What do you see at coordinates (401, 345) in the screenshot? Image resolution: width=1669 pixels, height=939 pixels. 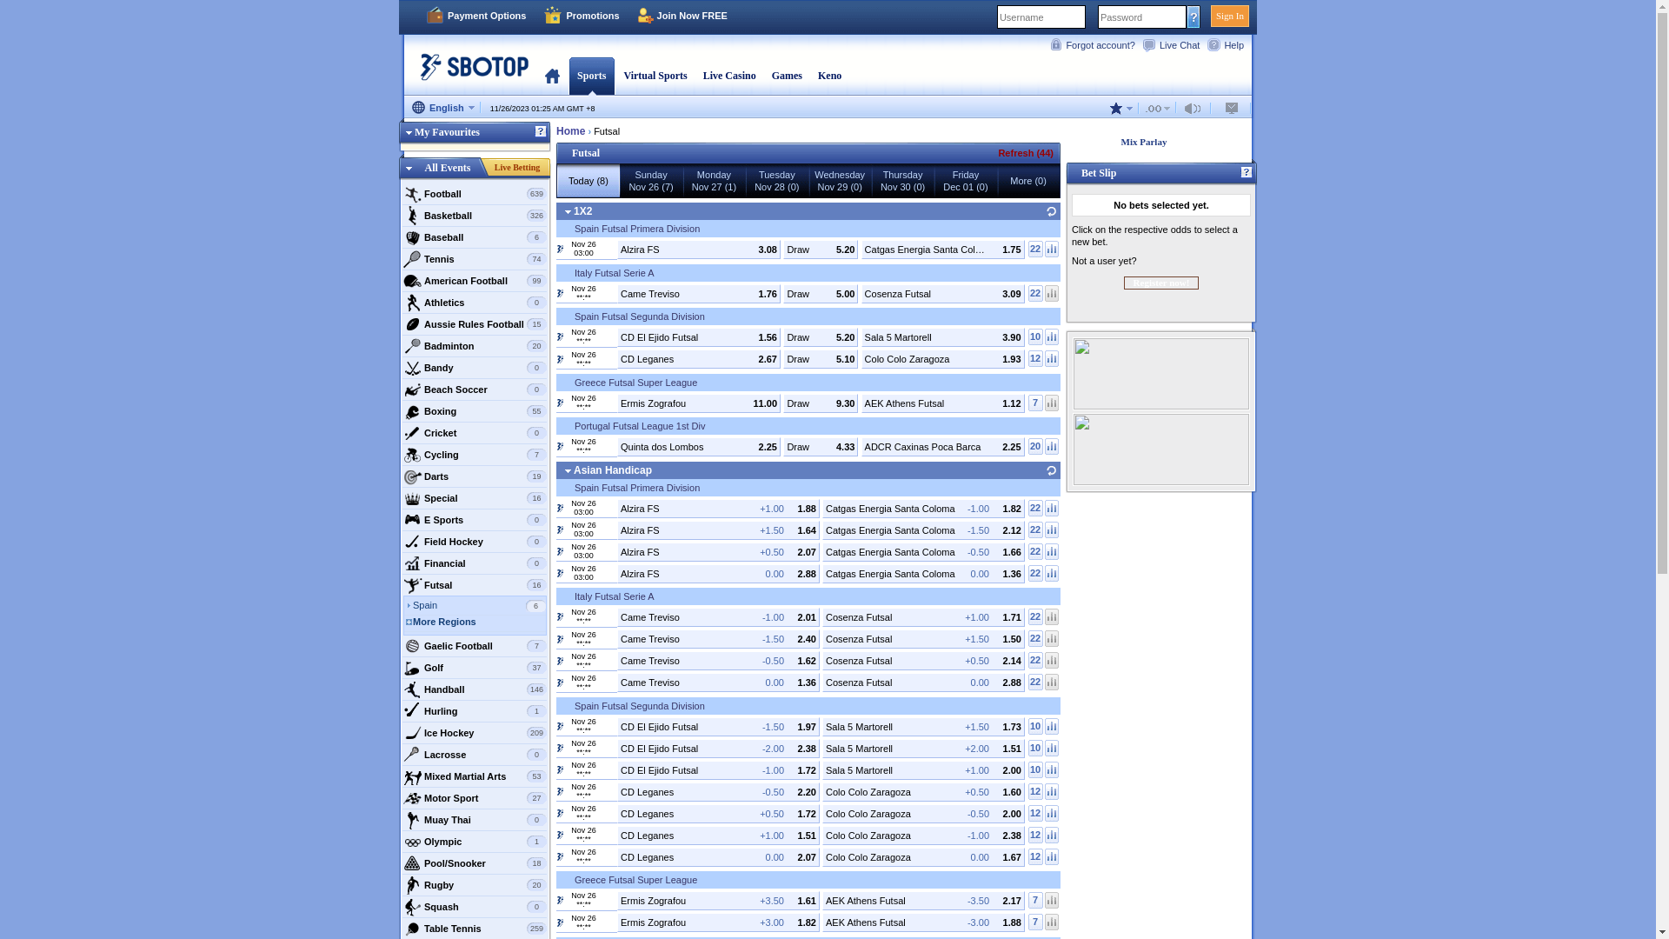 I see `'Badminton` at bounding box center [401, 345].